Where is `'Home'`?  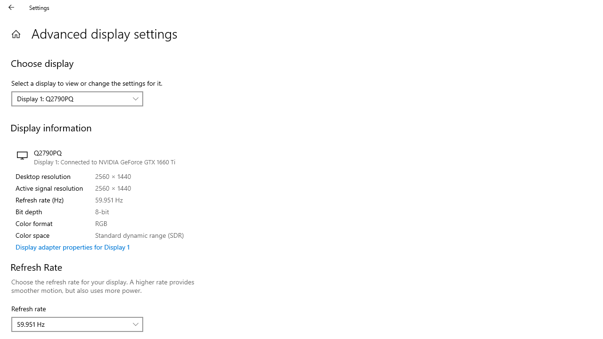
'Home' is located at coordinates (16, 33).